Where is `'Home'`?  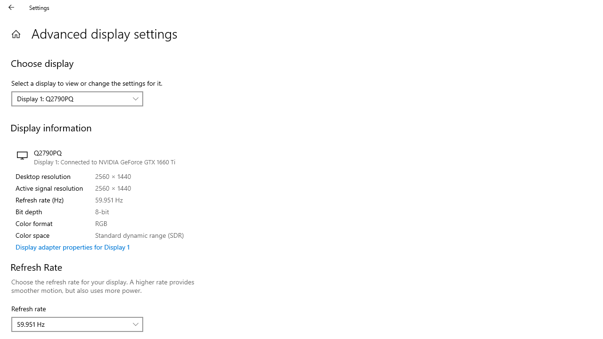
'Home' is located at coordinates (16, 33).